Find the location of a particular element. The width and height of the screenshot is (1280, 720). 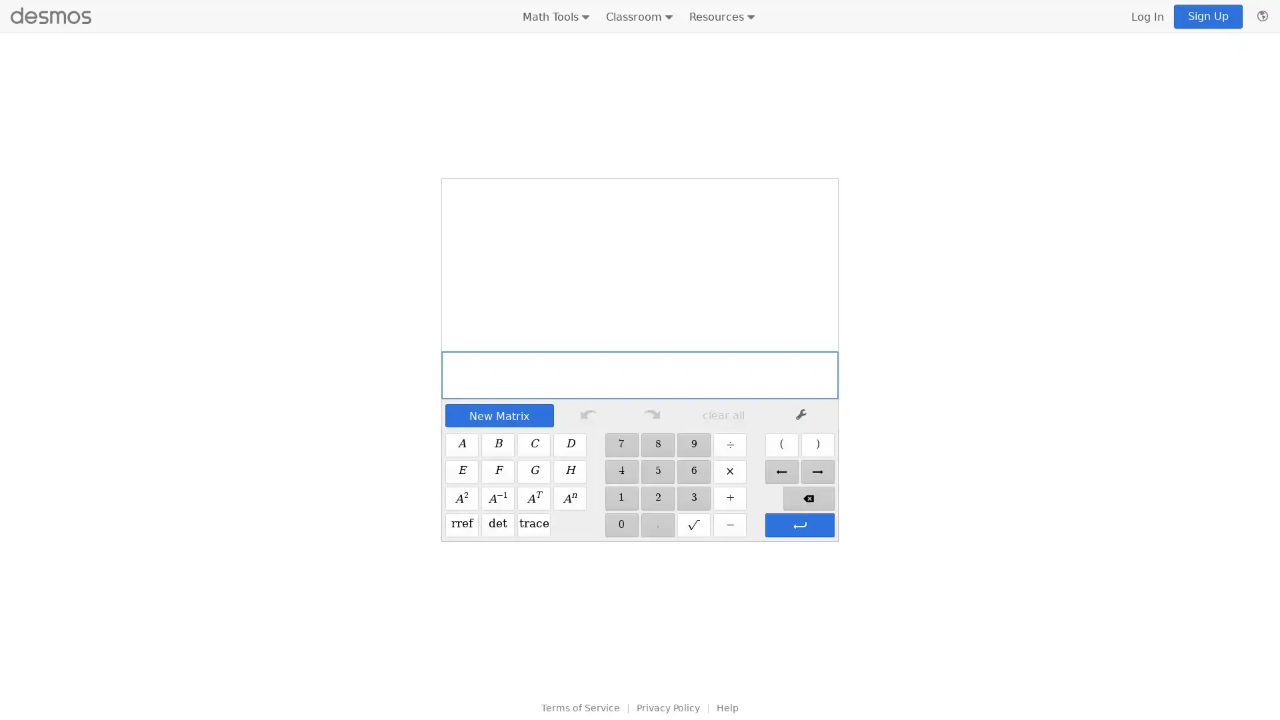

redo is located at coordinates (651, 415).